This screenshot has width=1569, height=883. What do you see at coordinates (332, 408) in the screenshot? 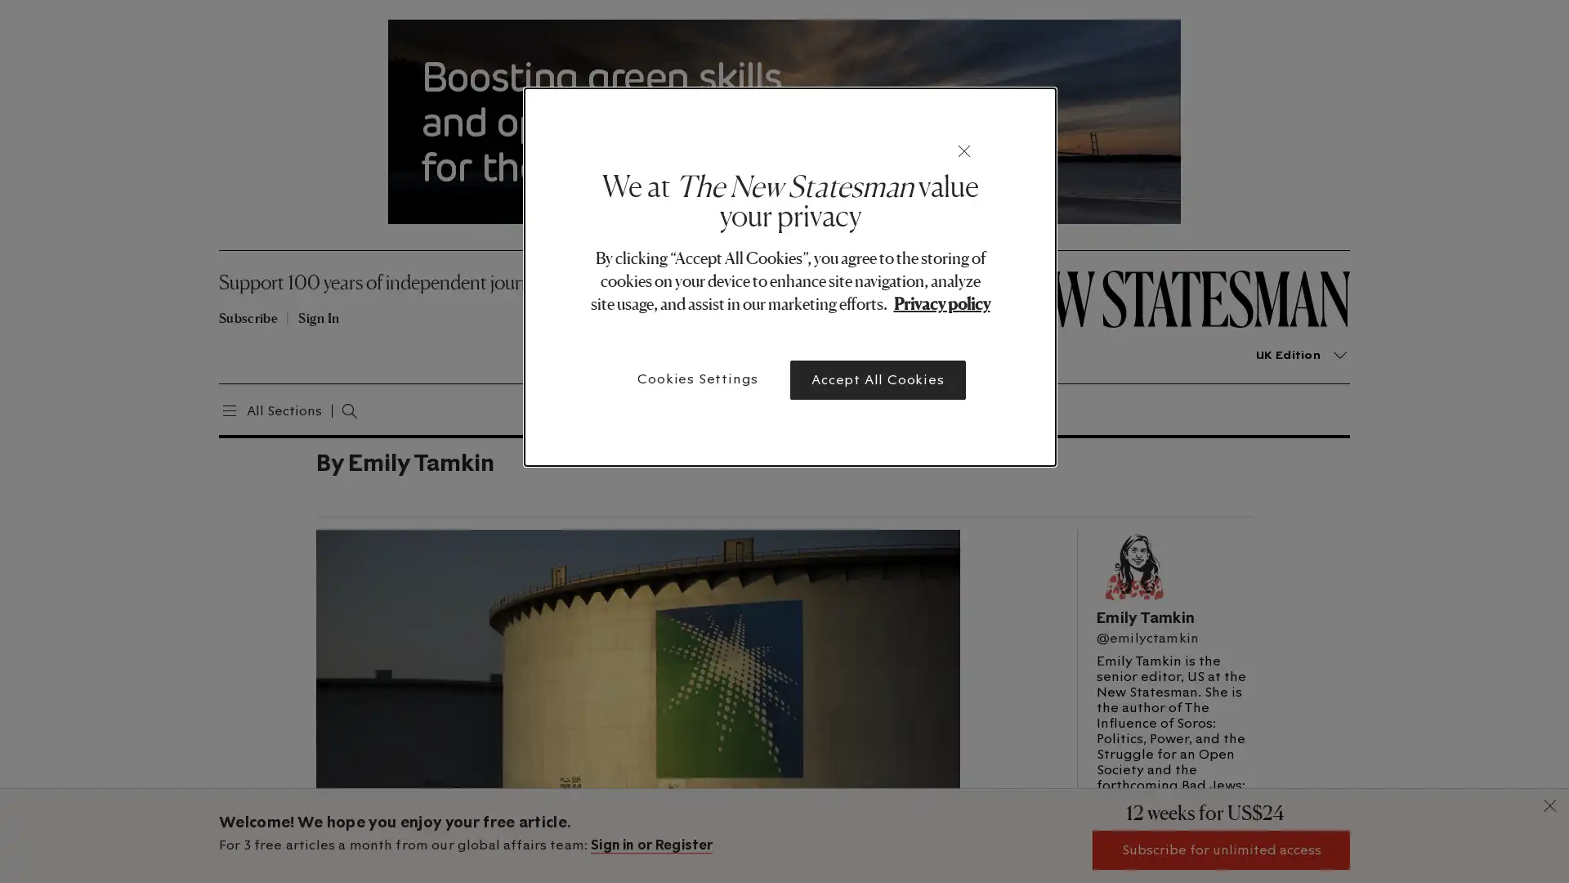
I see `Search` at bounding box center [332, 408].